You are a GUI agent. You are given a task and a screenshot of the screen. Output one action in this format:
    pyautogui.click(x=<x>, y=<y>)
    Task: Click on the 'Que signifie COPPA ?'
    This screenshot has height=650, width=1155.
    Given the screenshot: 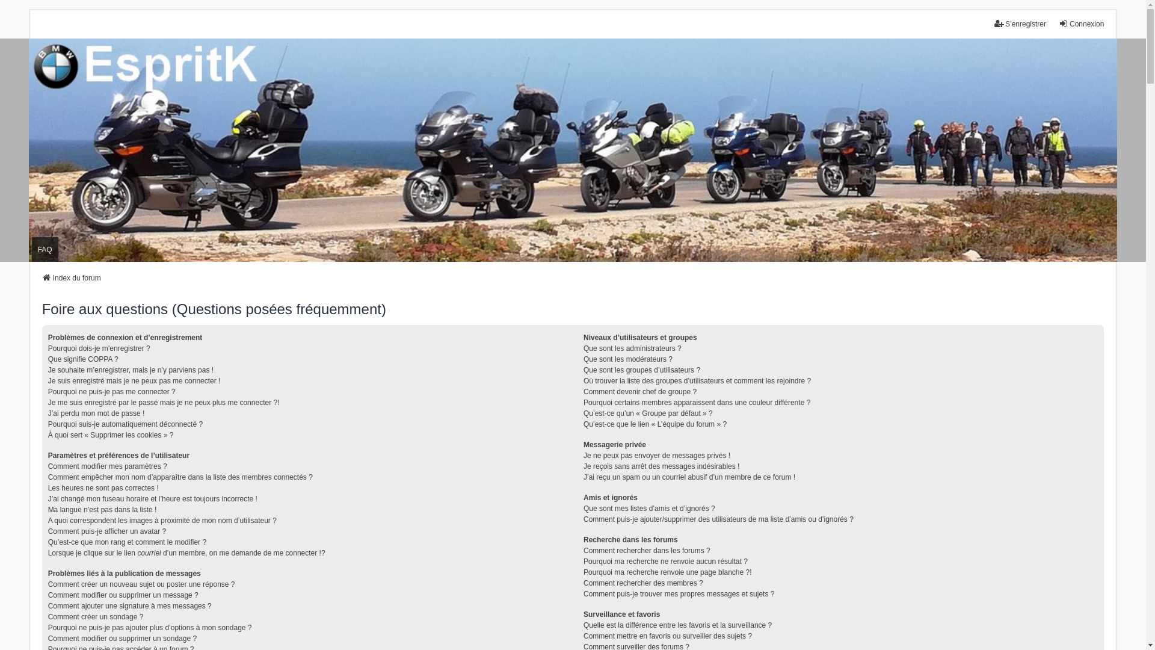 What is the action you would take?
    pyautogui.click(x=82, y=359)
    